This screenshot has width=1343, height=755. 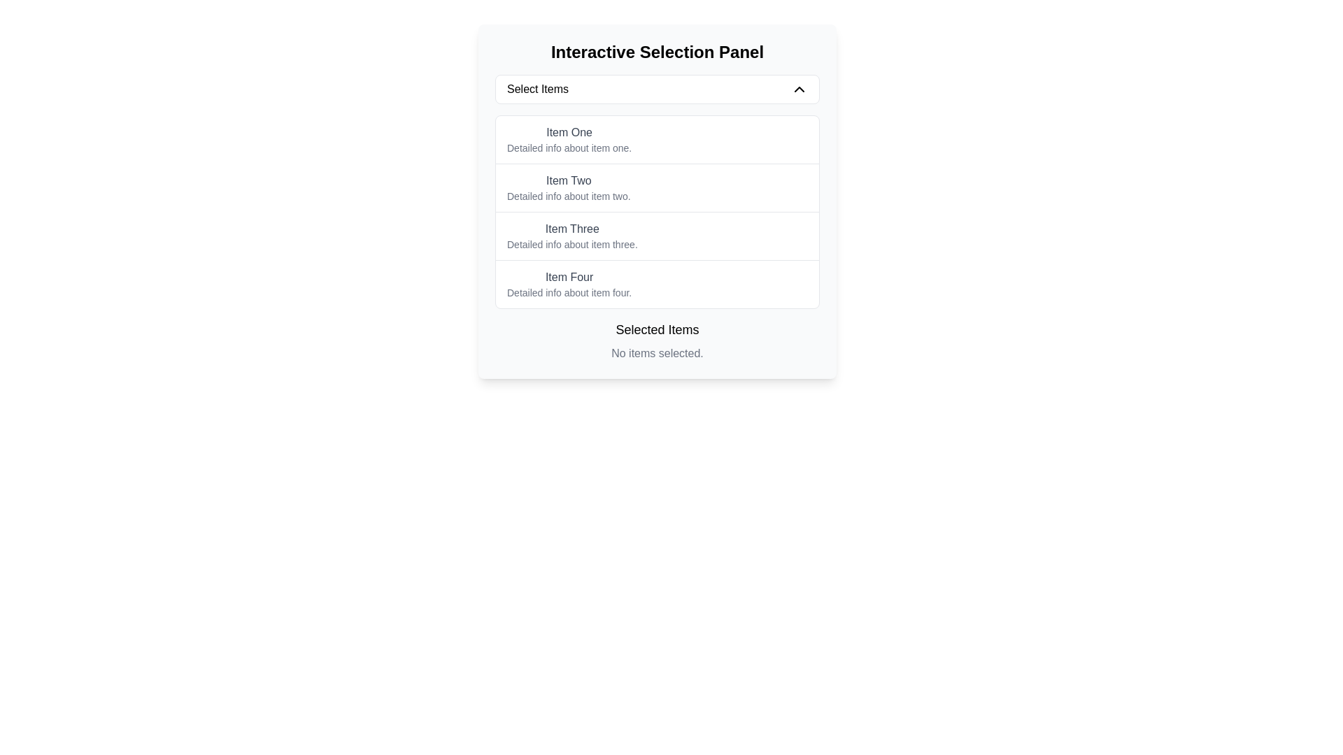 What do you see at coordinates (569, 132) in the screenshot?
I see `the main title text label of the first list item in the selection panel, located near the top-center of the panel below the 'Select Items' dropdown` at bounding box center [569, 132].